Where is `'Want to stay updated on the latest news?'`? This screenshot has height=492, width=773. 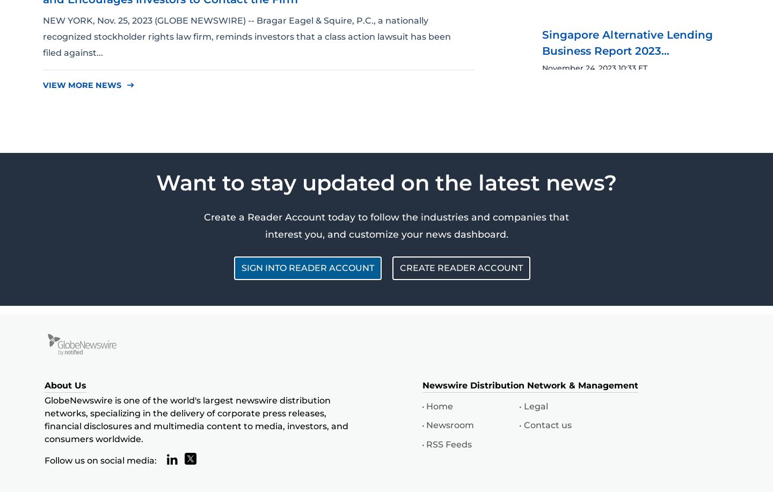
'Want to stay updated on the latest news?' is located at coordinates (386, 181).